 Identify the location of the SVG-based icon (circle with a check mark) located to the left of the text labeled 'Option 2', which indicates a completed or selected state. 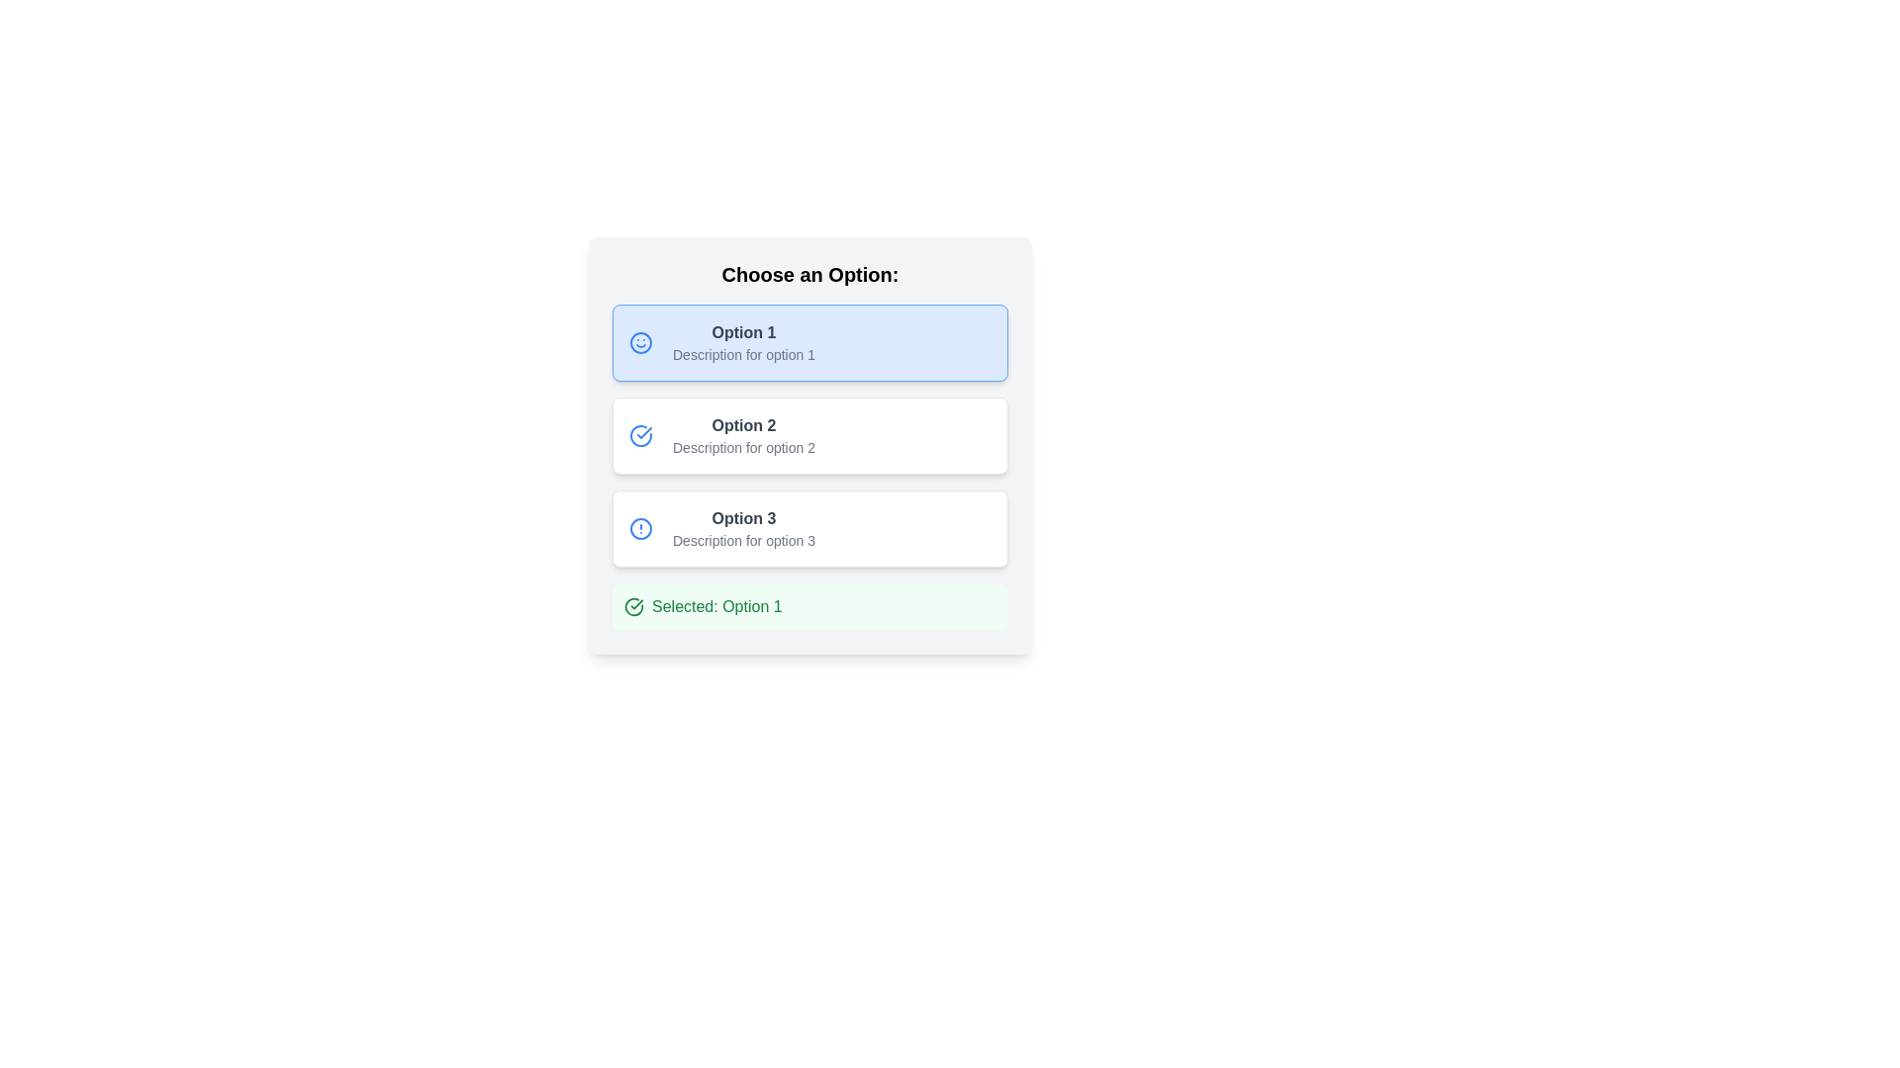
(641, 434).